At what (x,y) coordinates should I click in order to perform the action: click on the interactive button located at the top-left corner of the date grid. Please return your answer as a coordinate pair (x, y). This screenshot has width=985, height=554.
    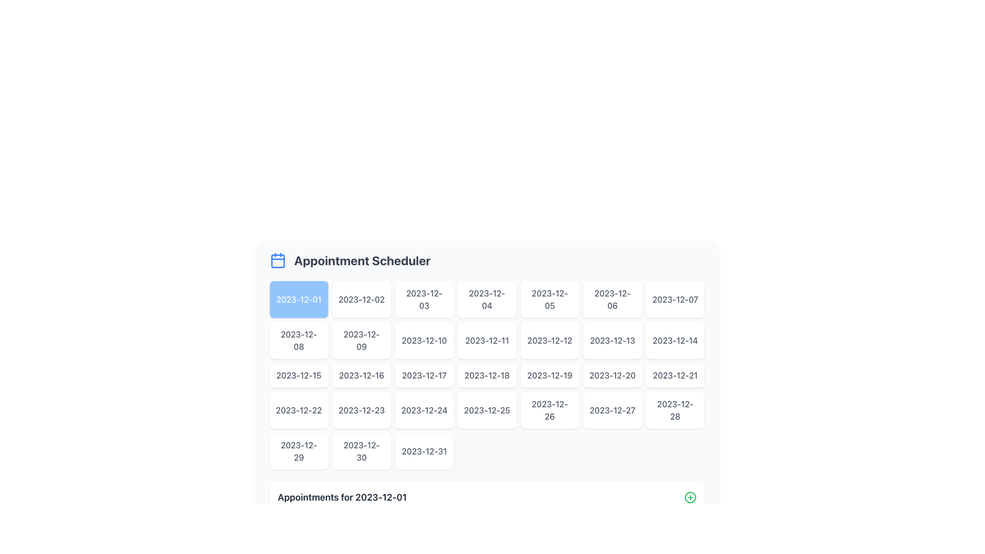
    Looking at the image, I should click on (298, 299).